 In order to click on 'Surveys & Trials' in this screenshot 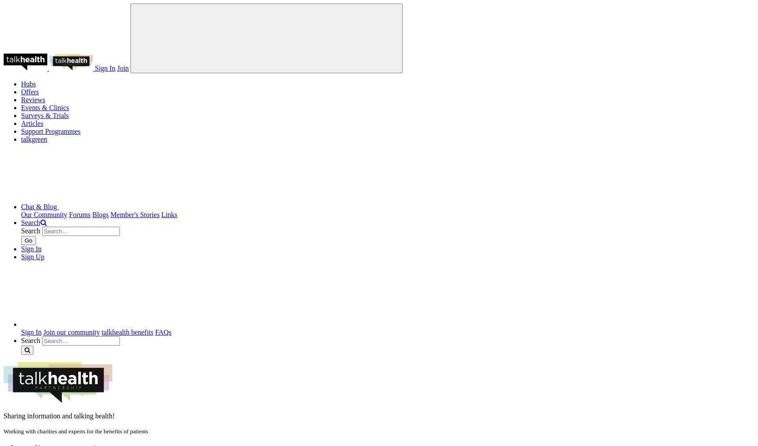, I will do `click(44, 115)`.